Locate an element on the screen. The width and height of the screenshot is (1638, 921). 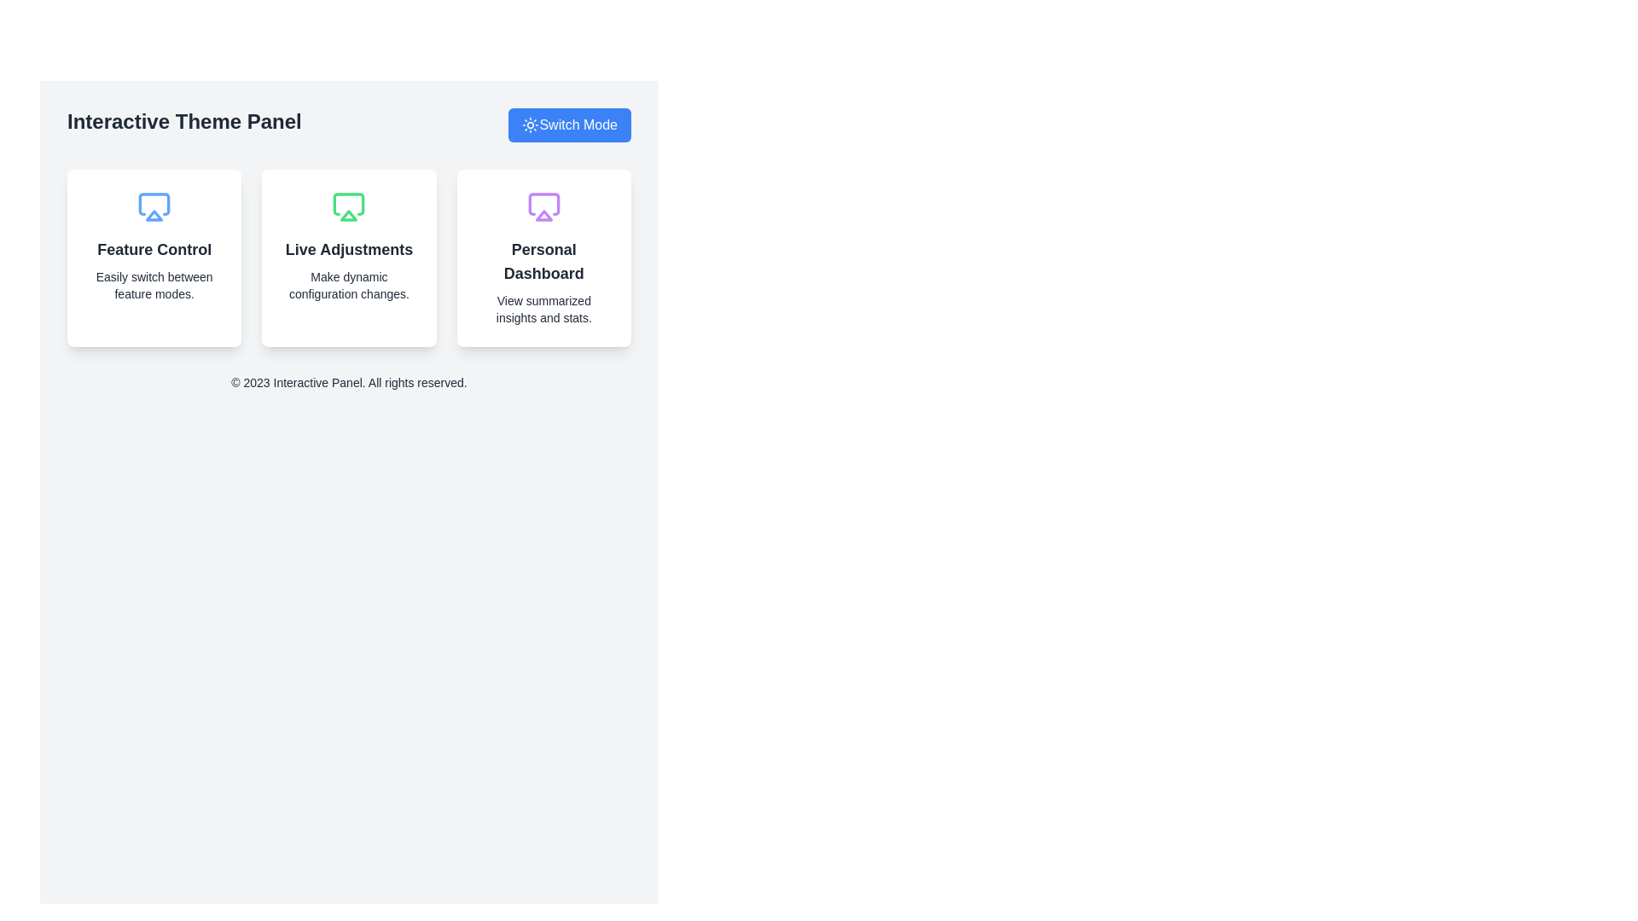
the informational text block that contains the phrase 'Easily switch between feature modes.' which is located beneath the 'Feature Control' header in the leftmost card of three cards is located at coordinates (154, 285).